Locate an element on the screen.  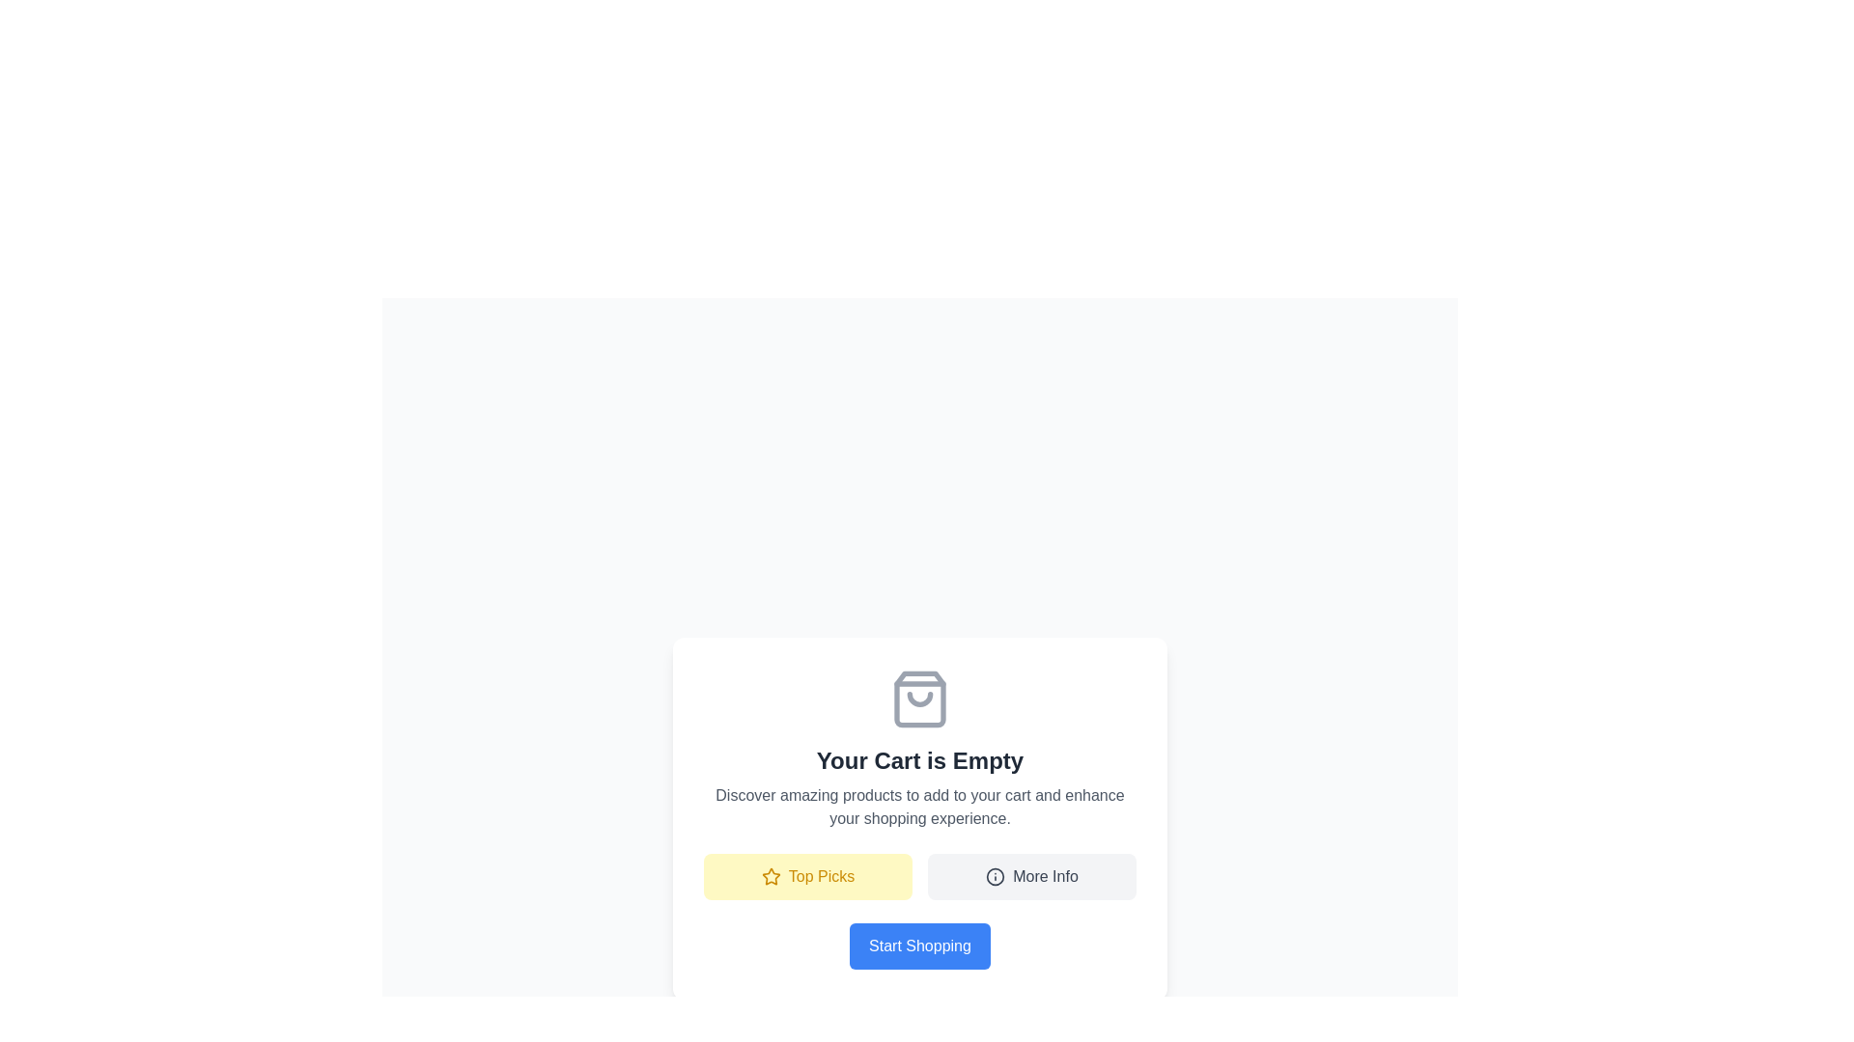
the first button in the grid layout that allows users is located at coordinates (807, 877).